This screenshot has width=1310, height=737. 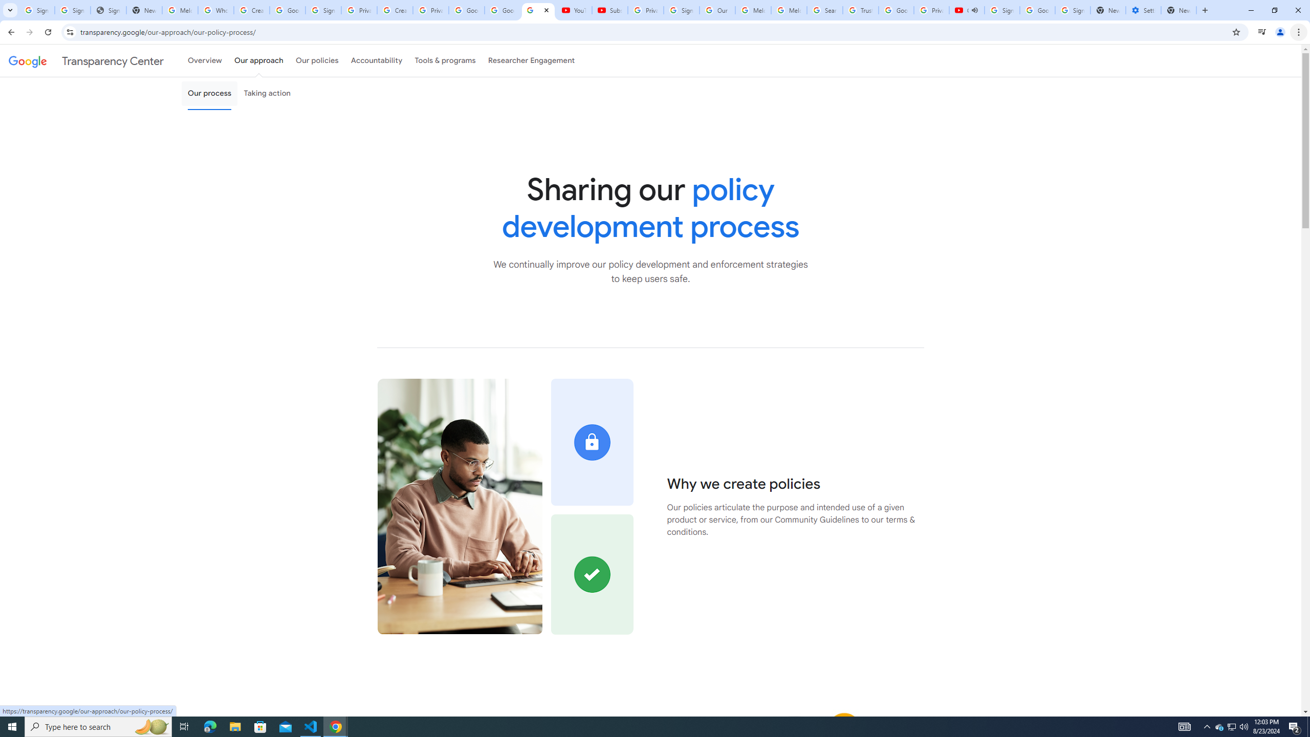 I want to click on 'Our approach', so click(x=258, y=60).